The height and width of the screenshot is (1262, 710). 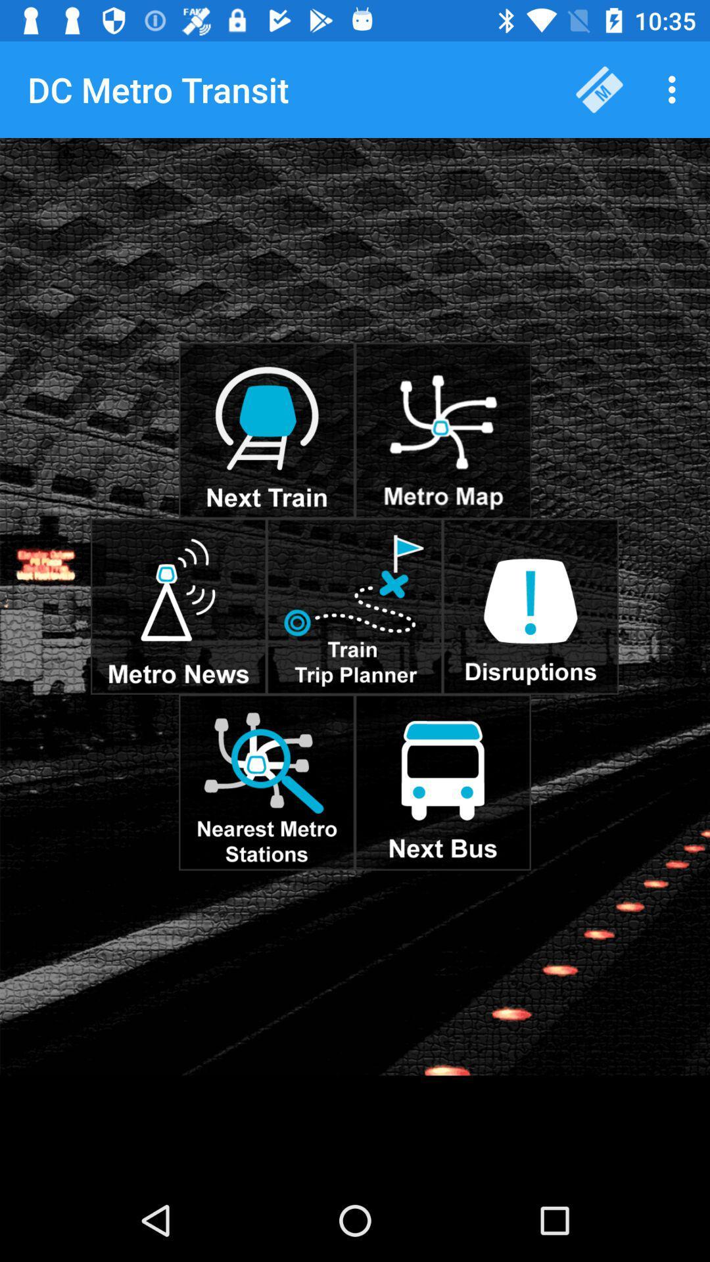 What do you see at coordinates (599, 89) in the screenshot?
I see `item next to the dc metro transit` at bounding box center [599, 89].